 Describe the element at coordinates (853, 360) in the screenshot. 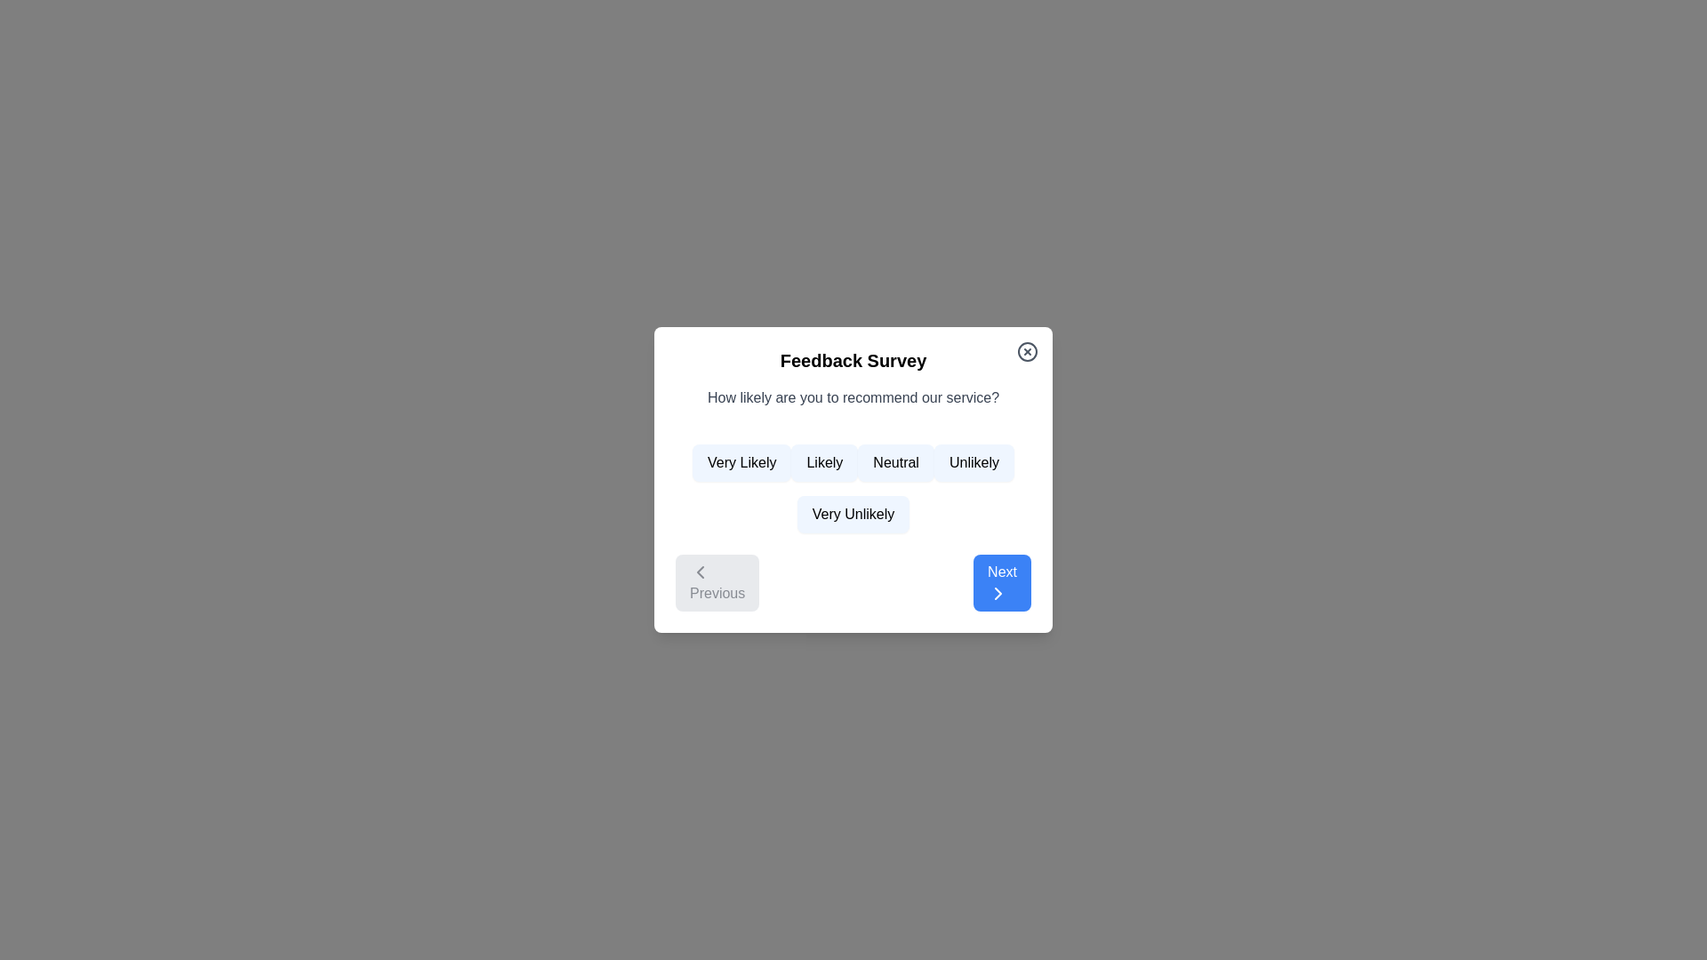

I see `the 'Feedback Survey' text header, which is displayed in bold and centrally aligned at the top of a white rectangular box with rounded corners` at that location.